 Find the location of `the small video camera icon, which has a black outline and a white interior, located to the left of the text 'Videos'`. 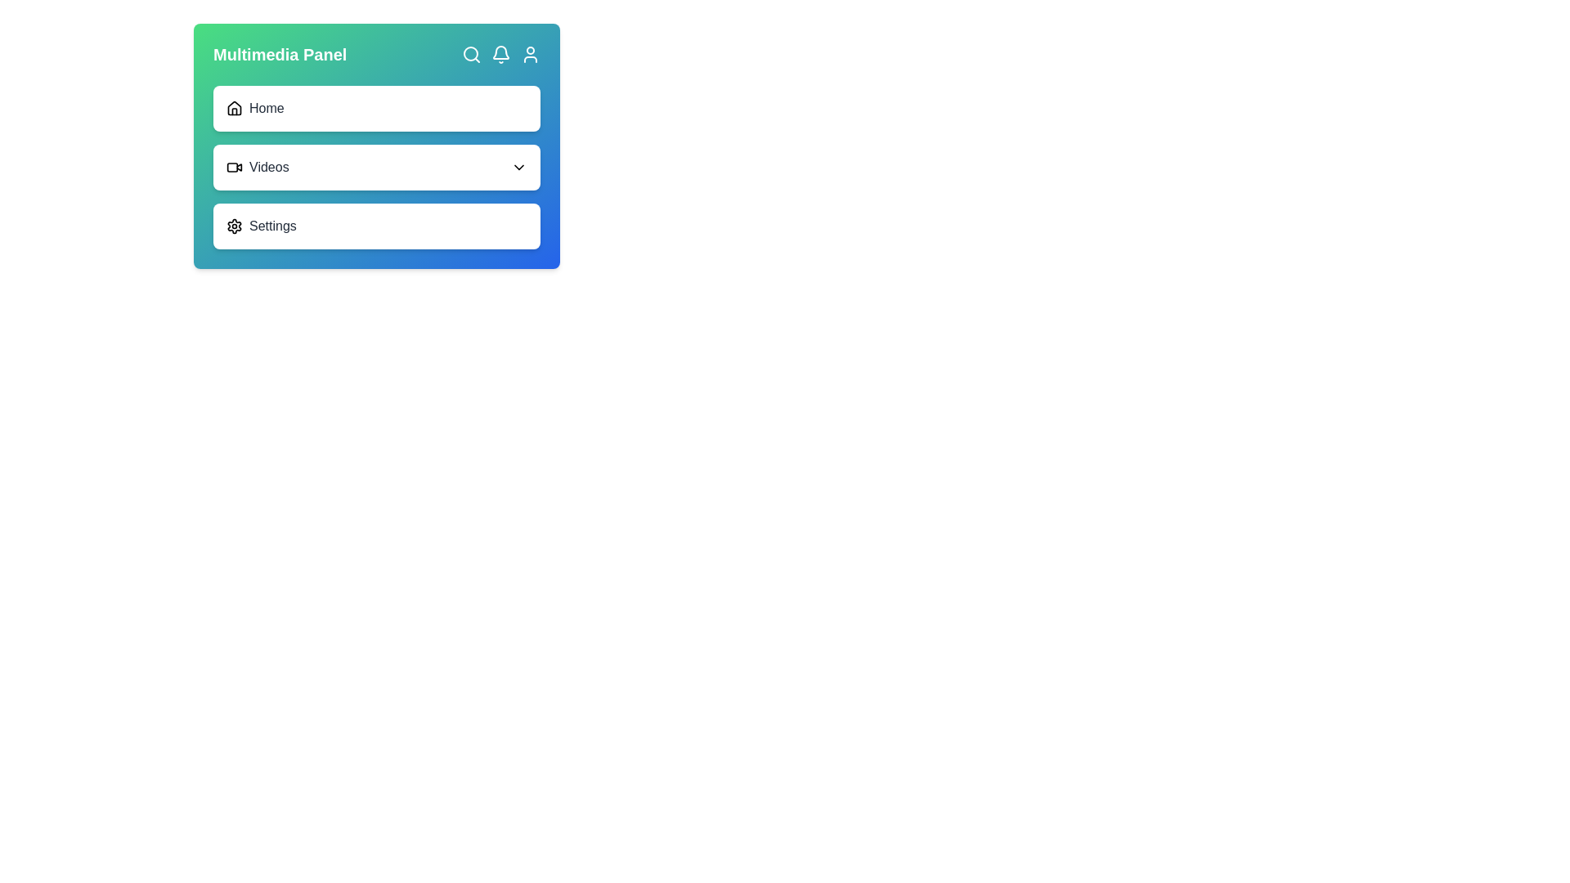

the small video camera icon, which has a black outline and a white interior, located to the left of the text 'Videos' is located at coordinates (234, 167).